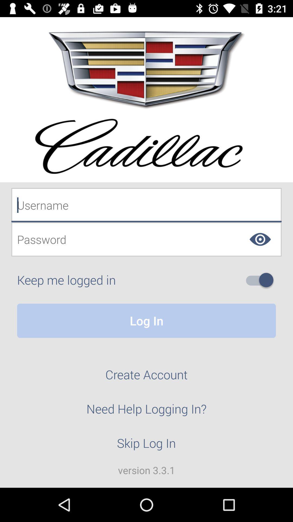 The image size is (293, 522). I want to click on icon on the right, so click(262, 280).